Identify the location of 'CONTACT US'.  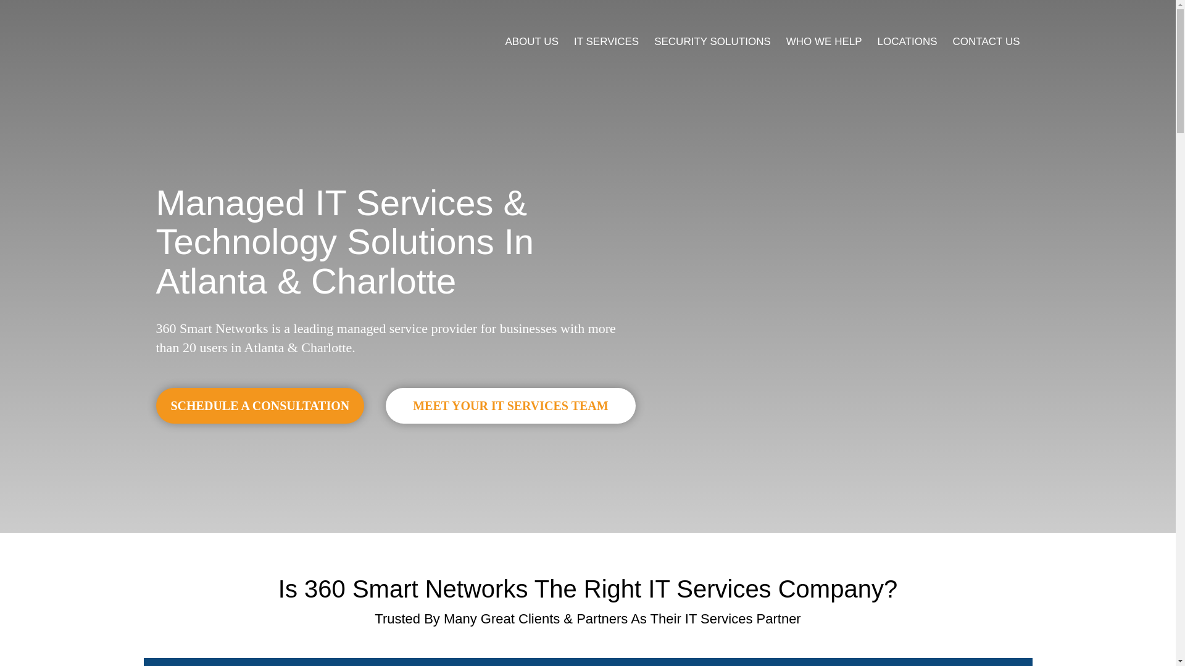
(986, 41).